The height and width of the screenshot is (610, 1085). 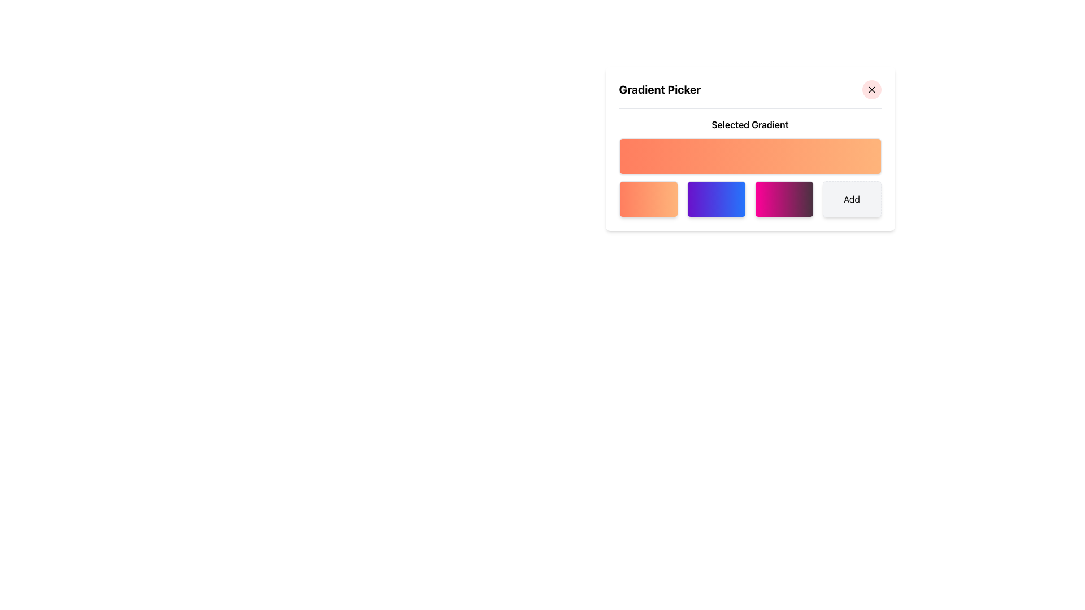 What do you see at coordinates (871, 89) in the screenshot?
I see `the close icon button, which is a small 'X' shaped icon located at the top-right corner of the 'Gradient Picker' panel` at bounding box center [871, 89].